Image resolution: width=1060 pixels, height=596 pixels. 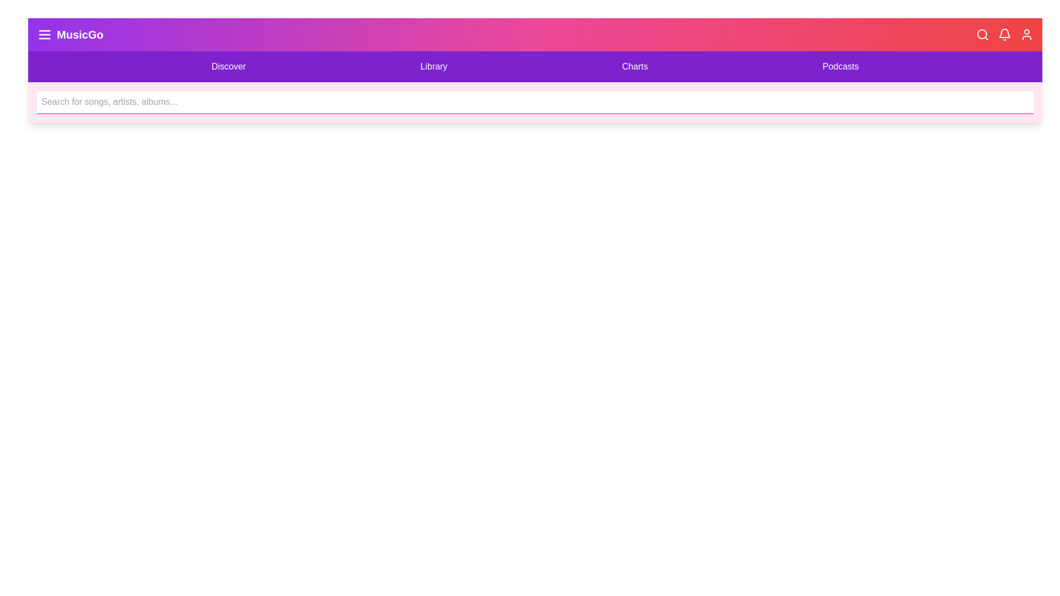 What do you see at coordinates (227, 66) in the screenshot?
I see `the 'Discover' menu item to navigate to the respective section` at bounding box center [227, 66].